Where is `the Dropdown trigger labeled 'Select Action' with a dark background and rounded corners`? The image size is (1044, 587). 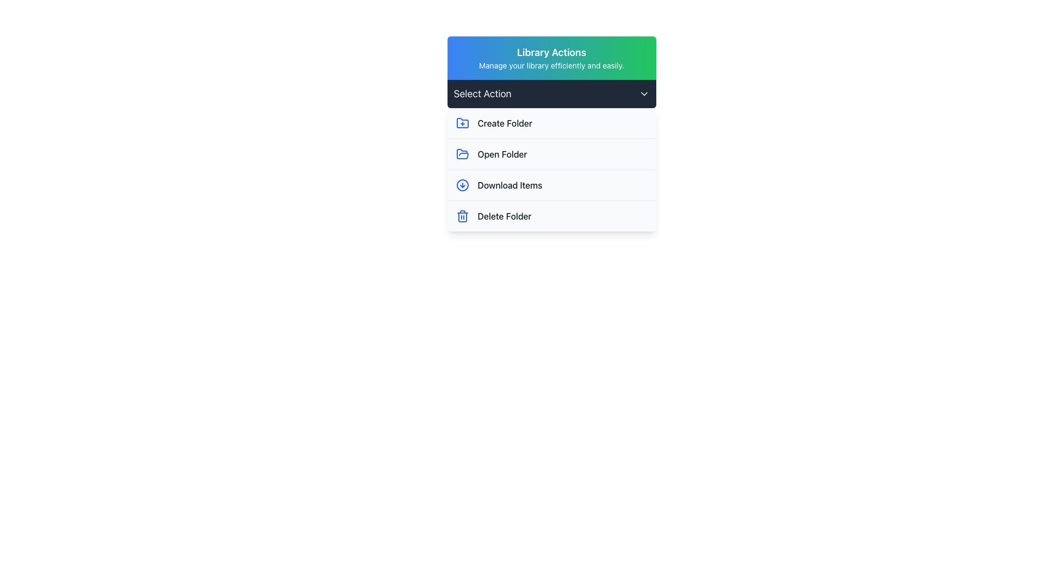 the Dropdown trigger labeled 'Select Action' with a dark background and rounded corners is located at coordinates (551, 93).